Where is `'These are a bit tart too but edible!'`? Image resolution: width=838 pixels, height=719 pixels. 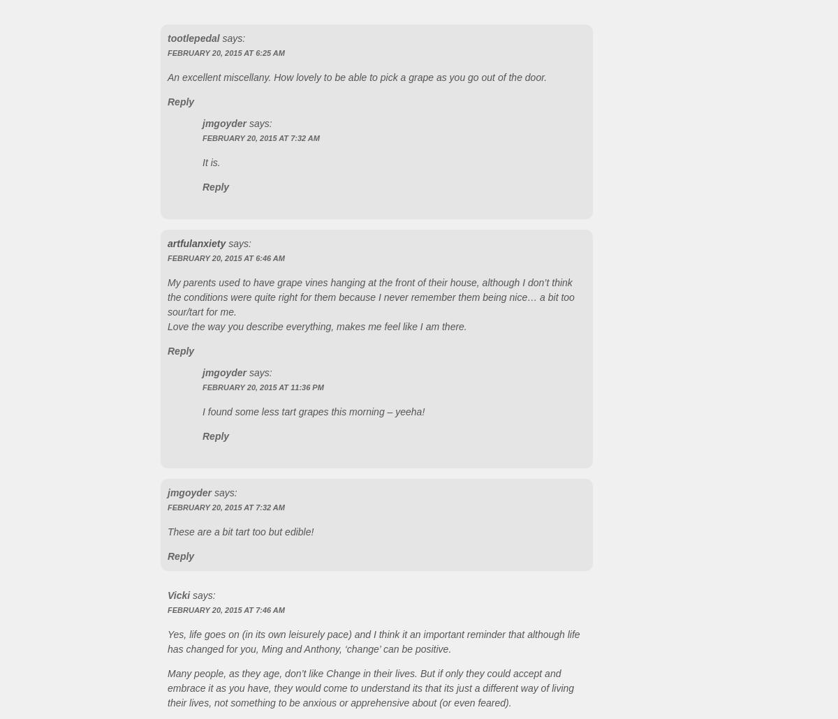
'These are a bit tart too but edible!' is located at coordinates (240, 531).